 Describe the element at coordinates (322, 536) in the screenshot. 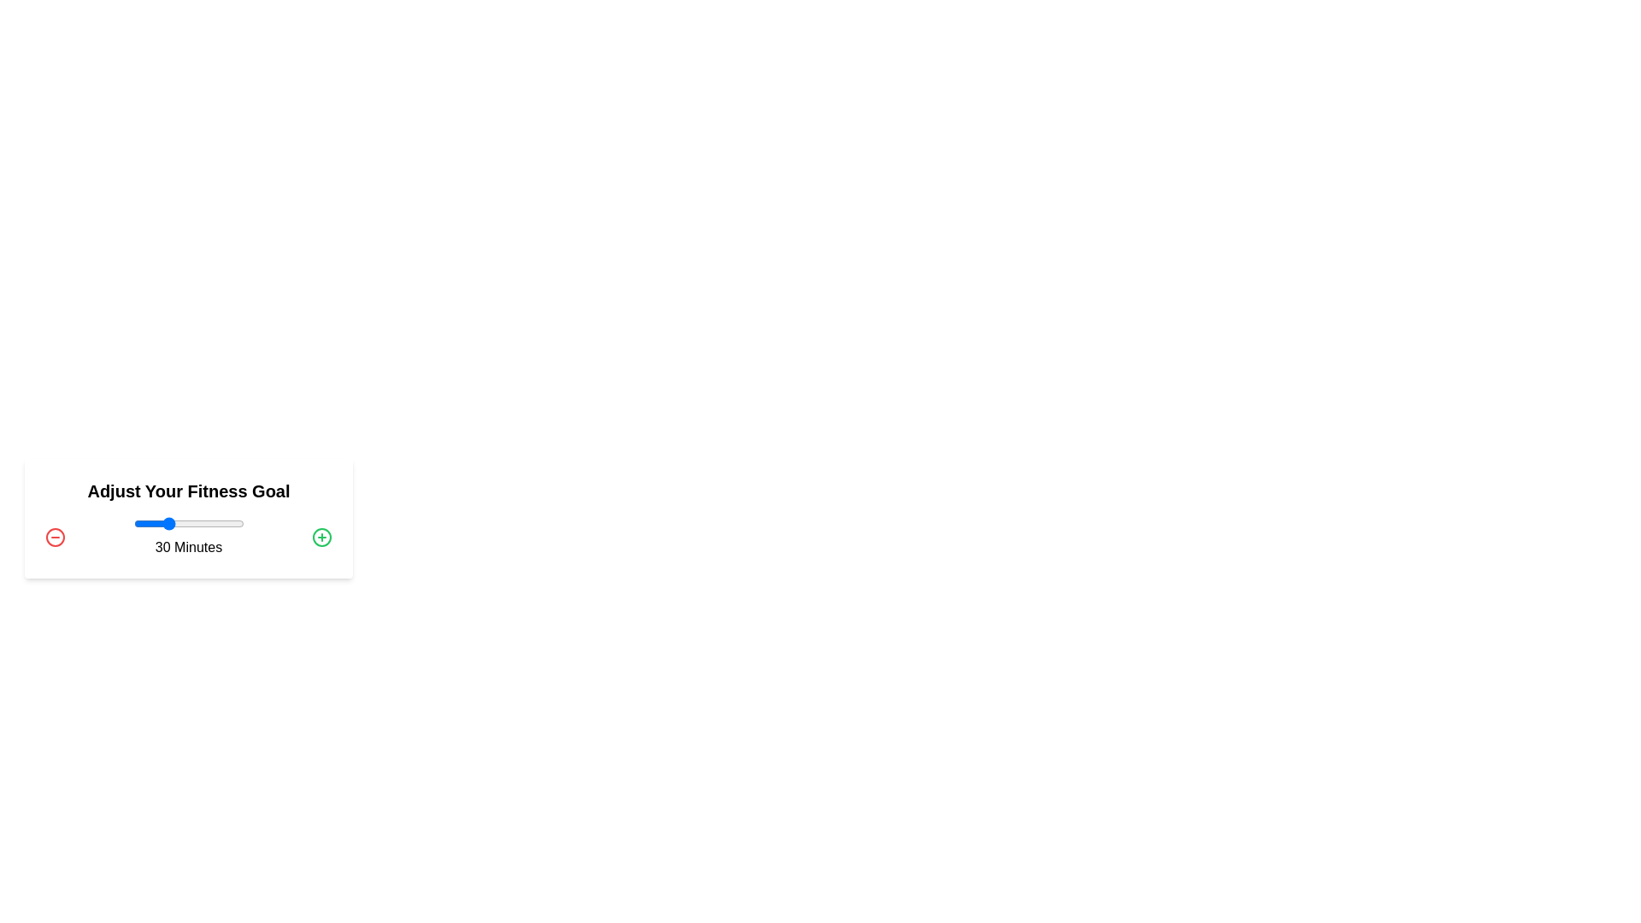

I see `the circular green outlined button with a plus sign at its center, located on the rightmost side of the control group, to provide feedback` at that location.